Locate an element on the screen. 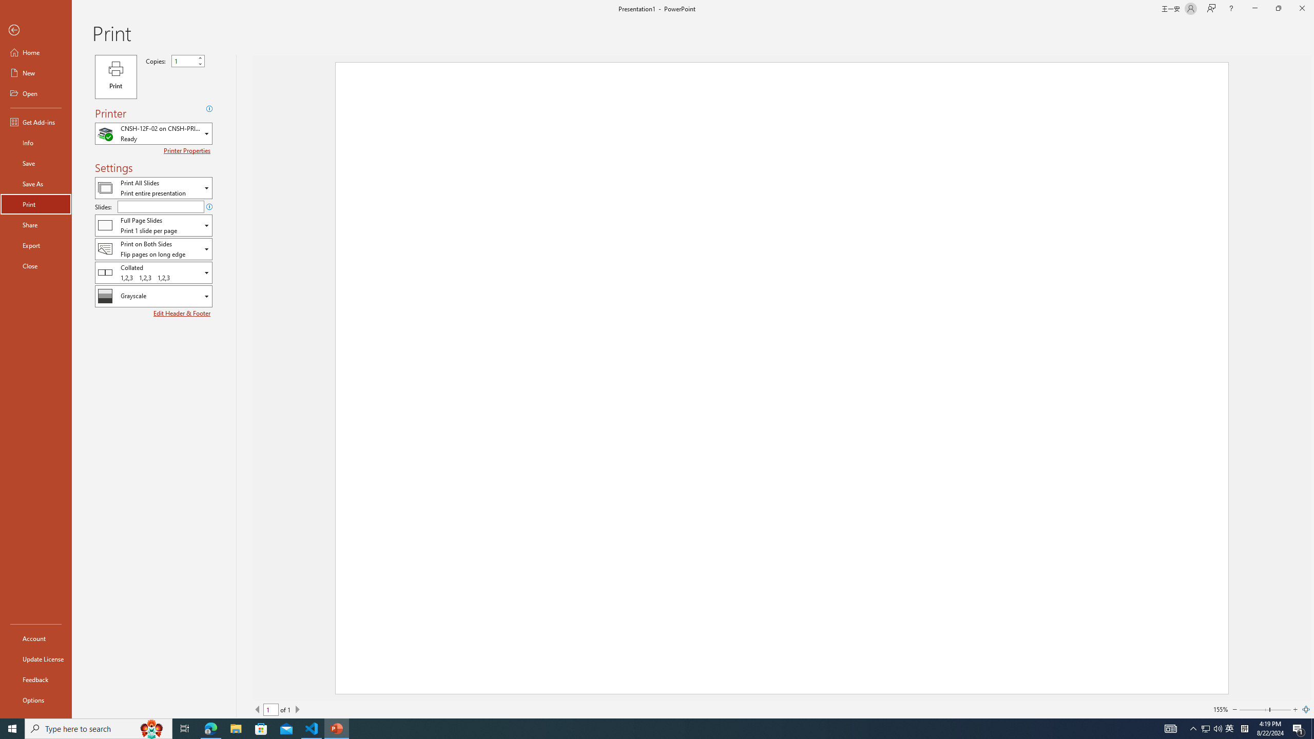  'Printer Properties' is located at coordinates (188, 150).